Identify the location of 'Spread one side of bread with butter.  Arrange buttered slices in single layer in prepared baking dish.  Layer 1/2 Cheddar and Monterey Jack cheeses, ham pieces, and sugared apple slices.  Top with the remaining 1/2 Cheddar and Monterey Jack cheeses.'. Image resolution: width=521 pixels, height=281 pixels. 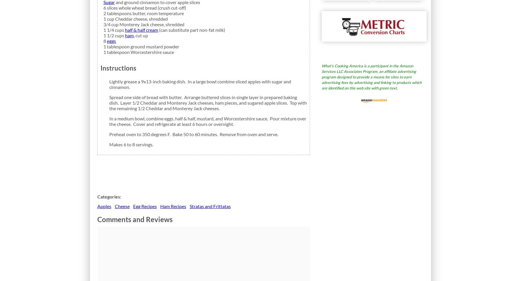
(109, 102).